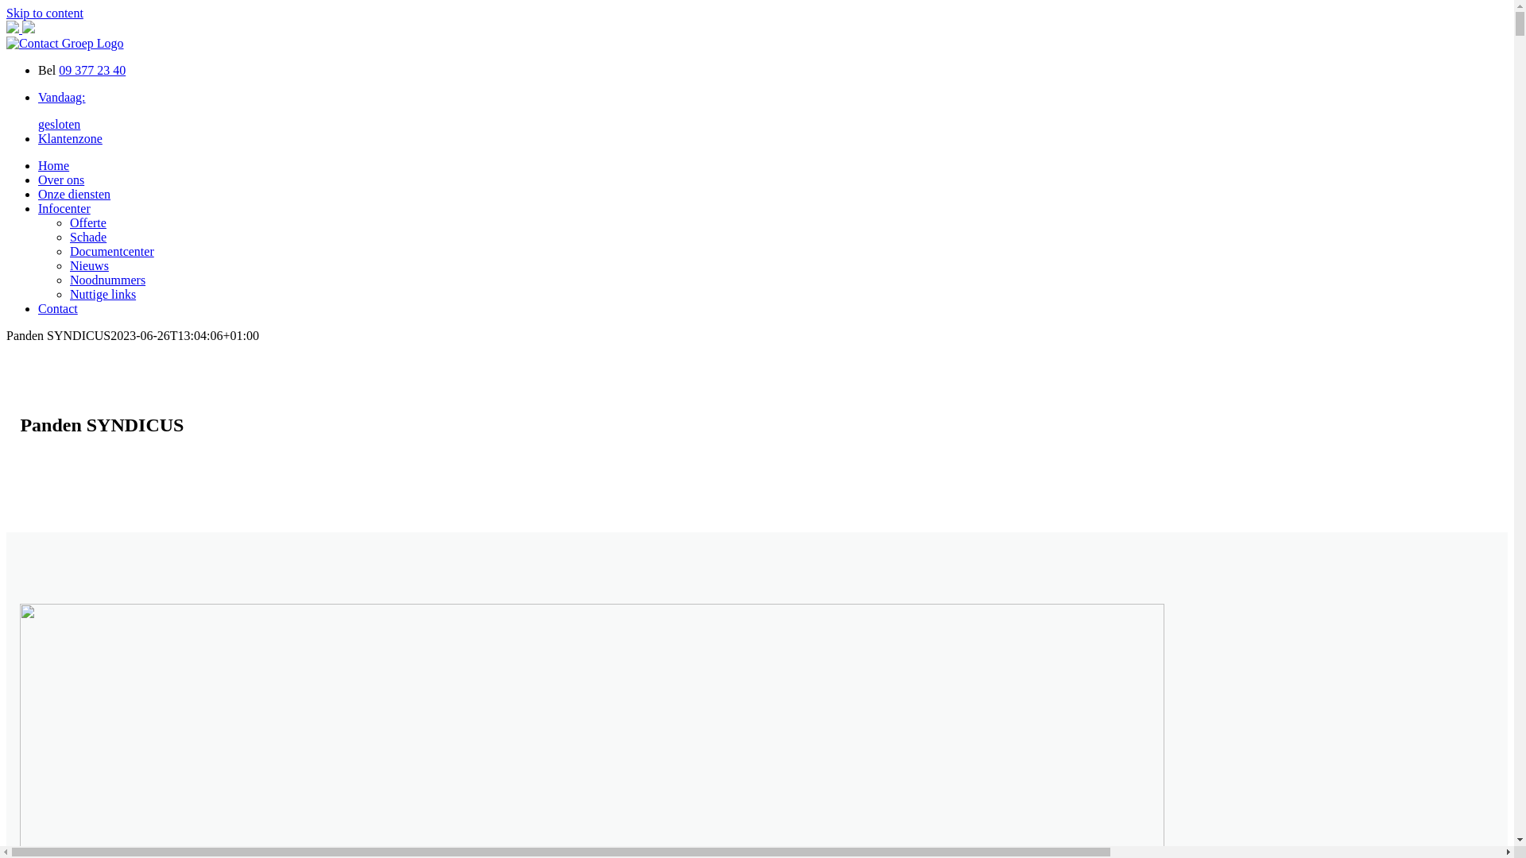 The width and height of the screenshot is (1526, 858). Describe the element at coordinates (88, 265) in the screenshot. I see `'Nieuws'` at that location.